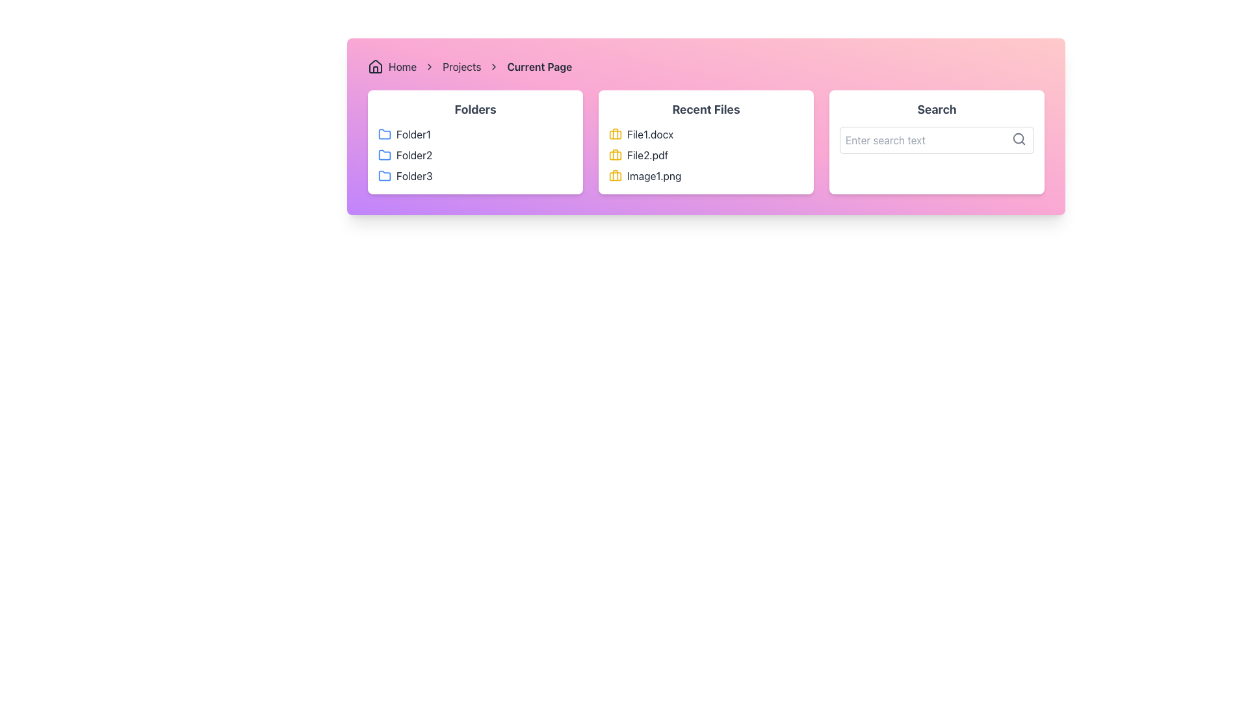 The width and height of the screenshot is (1248, 702). What do you see at coordinates (654, 175) in the screenshot?
I see `the text label for 'Image1.png' located in the 'Recent Files' section` at bounding box center [654, 175].